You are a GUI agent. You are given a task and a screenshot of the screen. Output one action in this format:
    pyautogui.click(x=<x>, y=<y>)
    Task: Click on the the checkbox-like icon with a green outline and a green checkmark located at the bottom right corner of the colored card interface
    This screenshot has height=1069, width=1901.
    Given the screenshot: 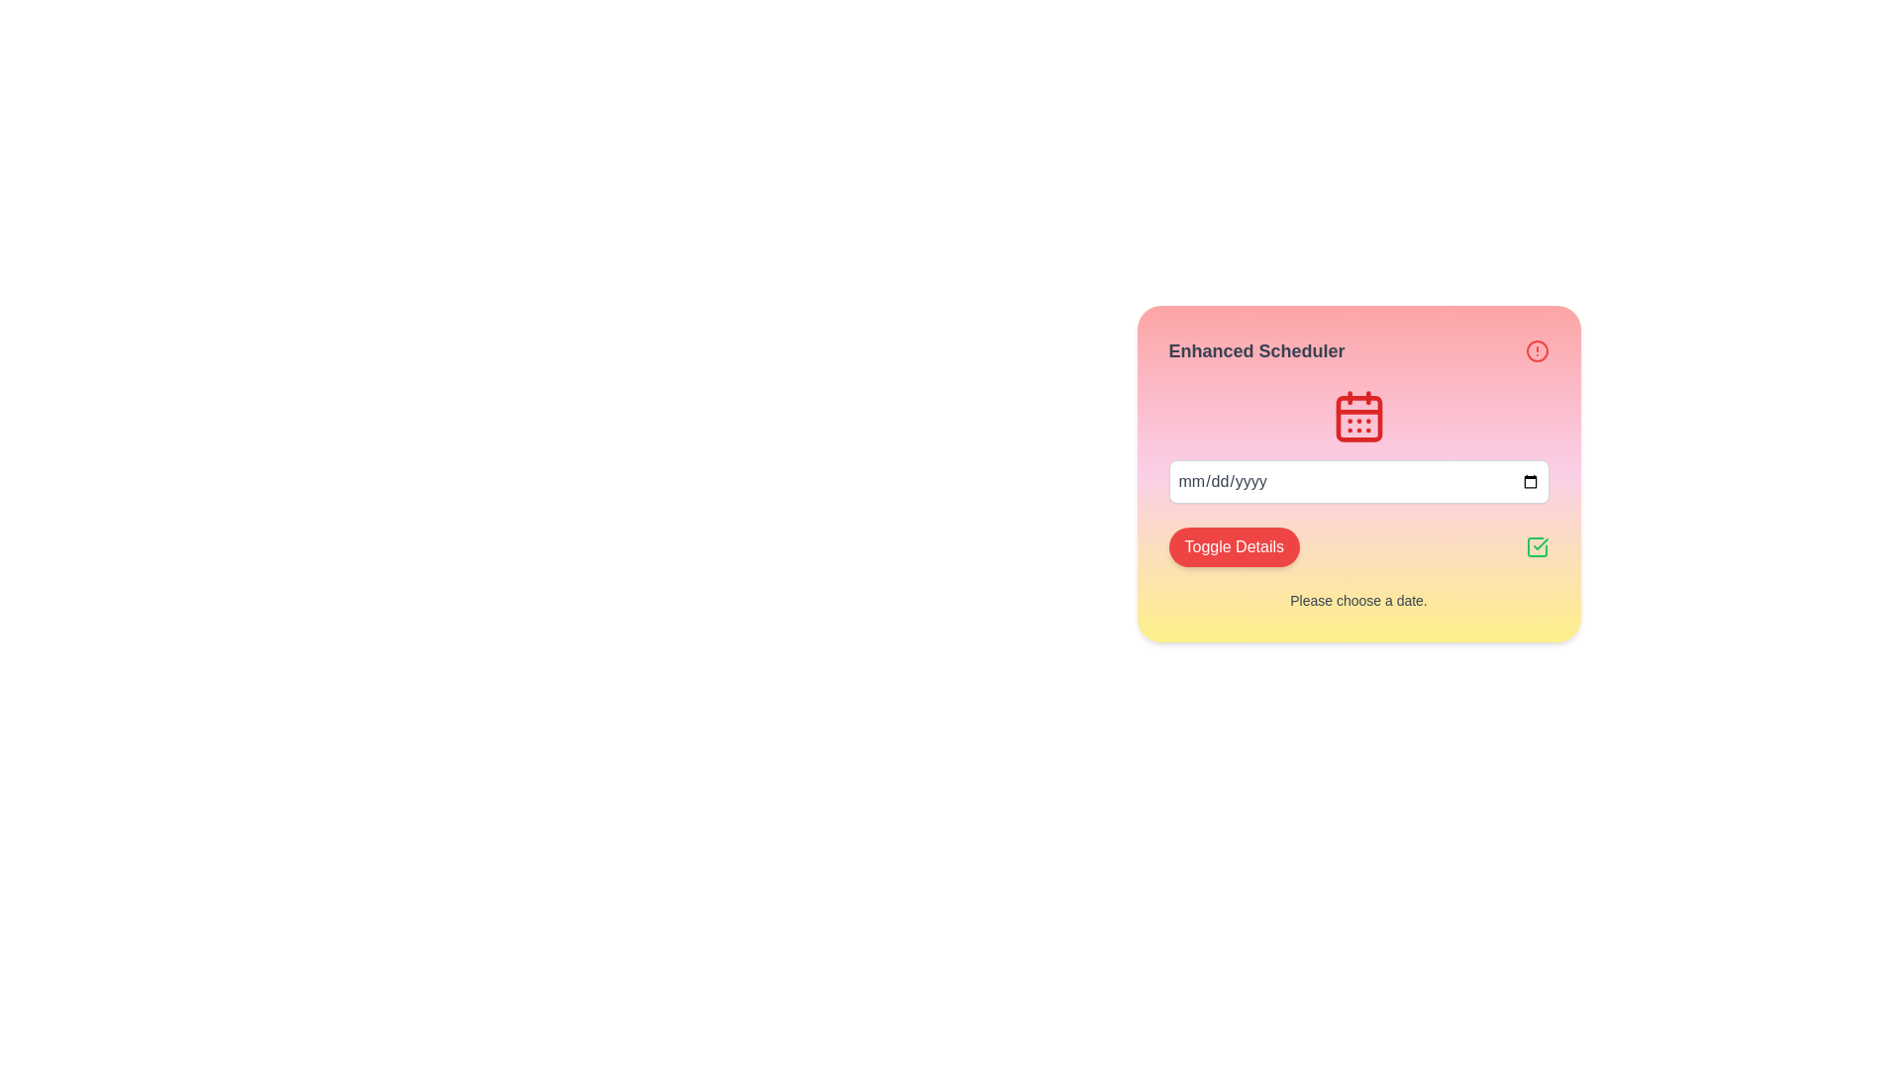 What is the action you would take?
    pyautogui.click(x=1536, y=546)
    